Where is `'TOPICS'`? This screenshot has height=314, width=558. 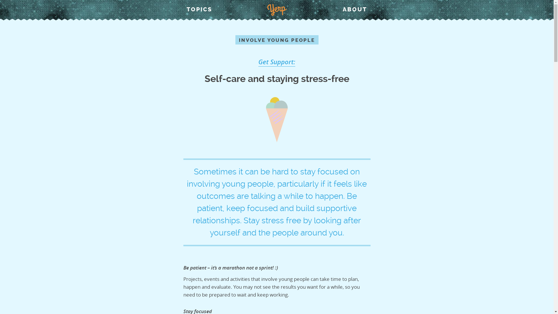 'TOPICS' is located at coordinates (199, 9).